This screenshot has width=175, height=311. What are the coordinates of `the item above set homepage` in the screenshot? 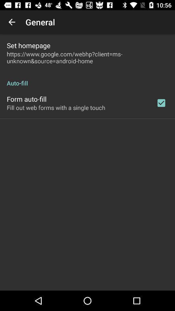 It's located at (12, 22).